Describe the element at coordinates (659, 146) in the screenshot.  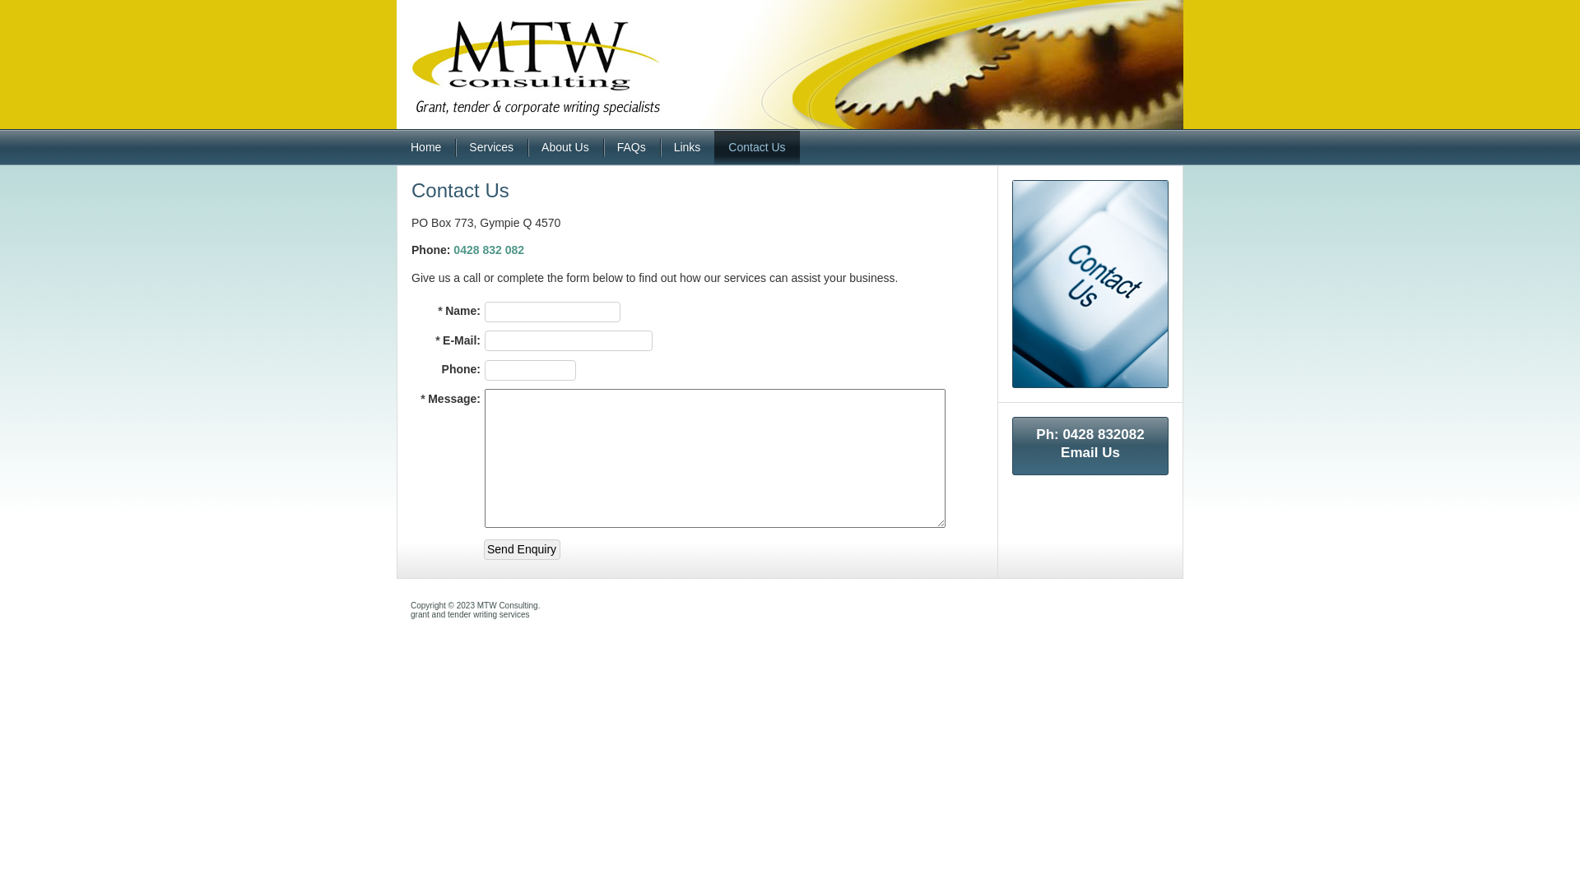
I see `'Links'` at that location.